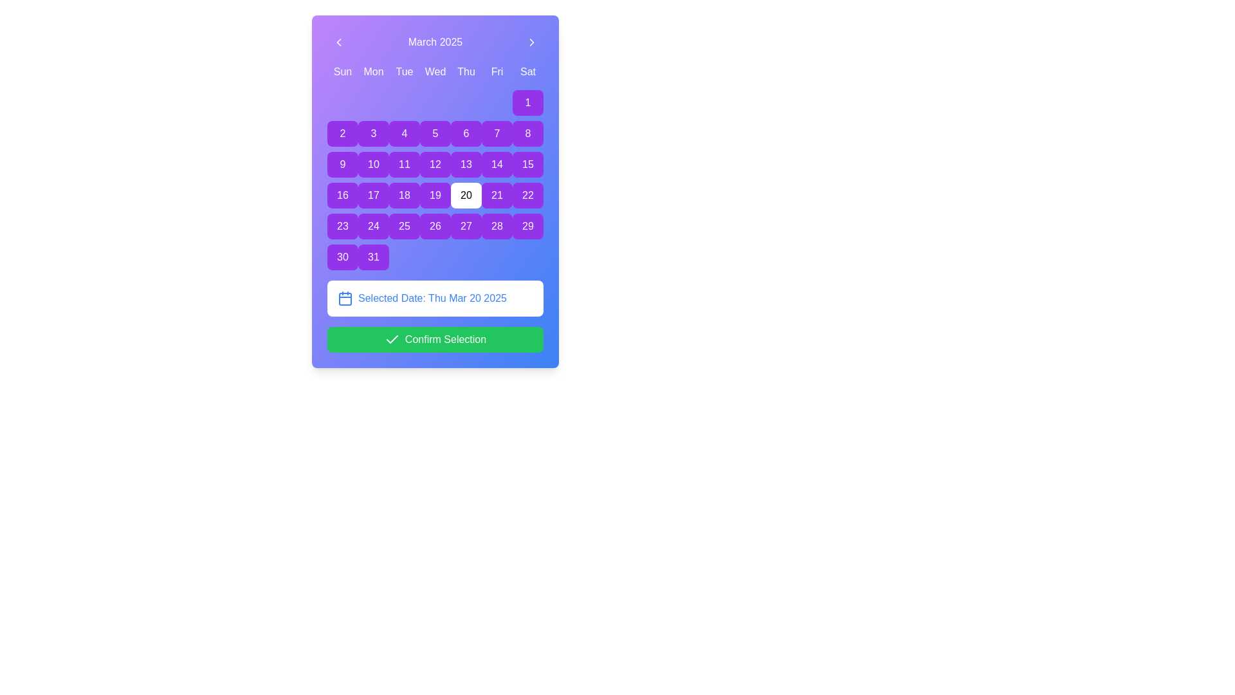  Describe the element at coordinates (403, 134) in the screenshot. I see `the button representing the date '4'` at that location.